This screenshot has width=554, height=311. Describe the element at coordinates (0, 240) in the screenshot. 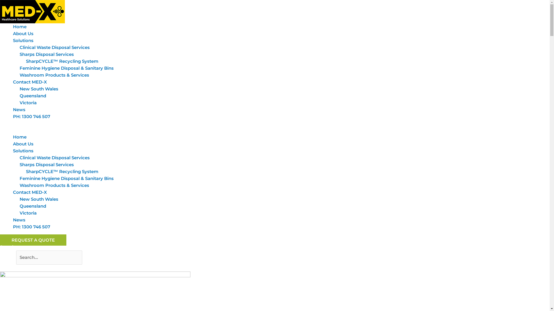

I see `'REQUEST A QUOTE'` at that location.